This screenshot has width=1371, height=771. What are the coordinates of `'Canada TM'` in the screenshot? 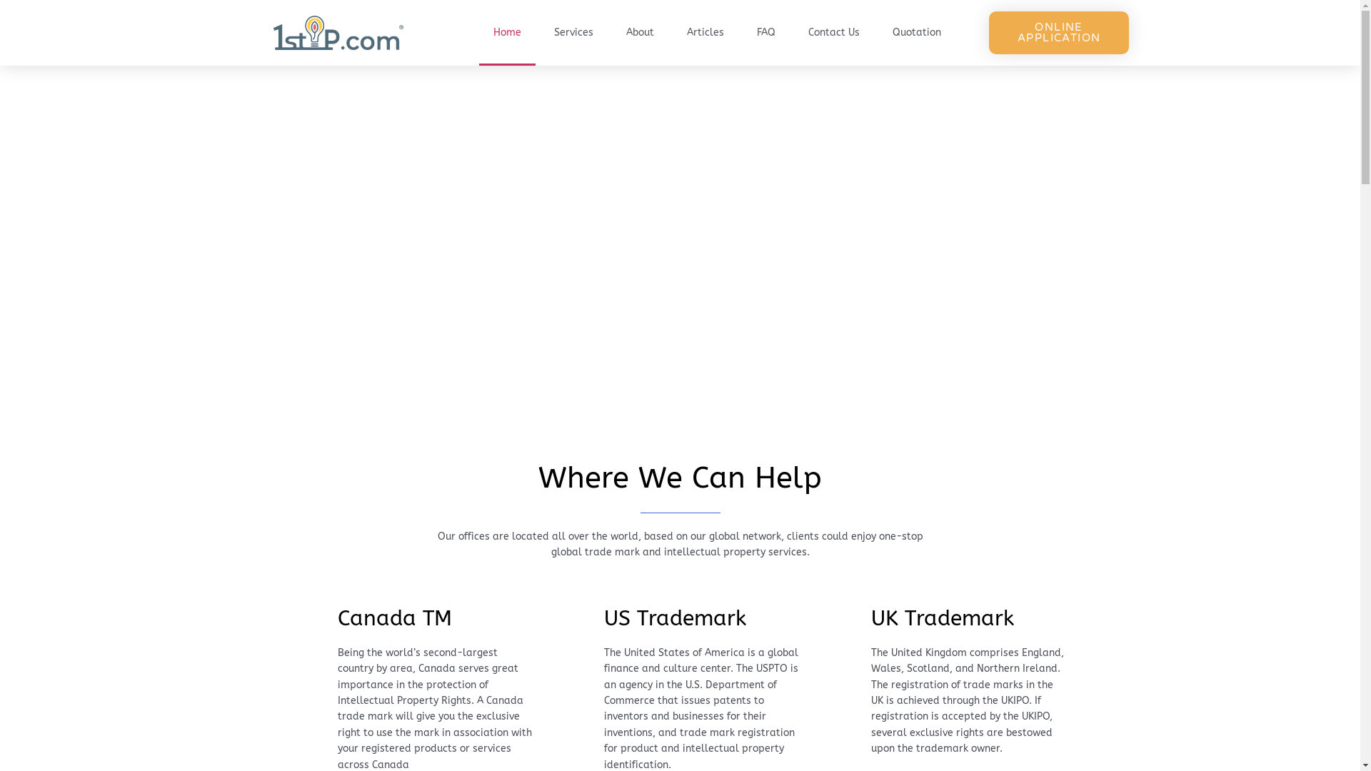 It's located at (337, 618).